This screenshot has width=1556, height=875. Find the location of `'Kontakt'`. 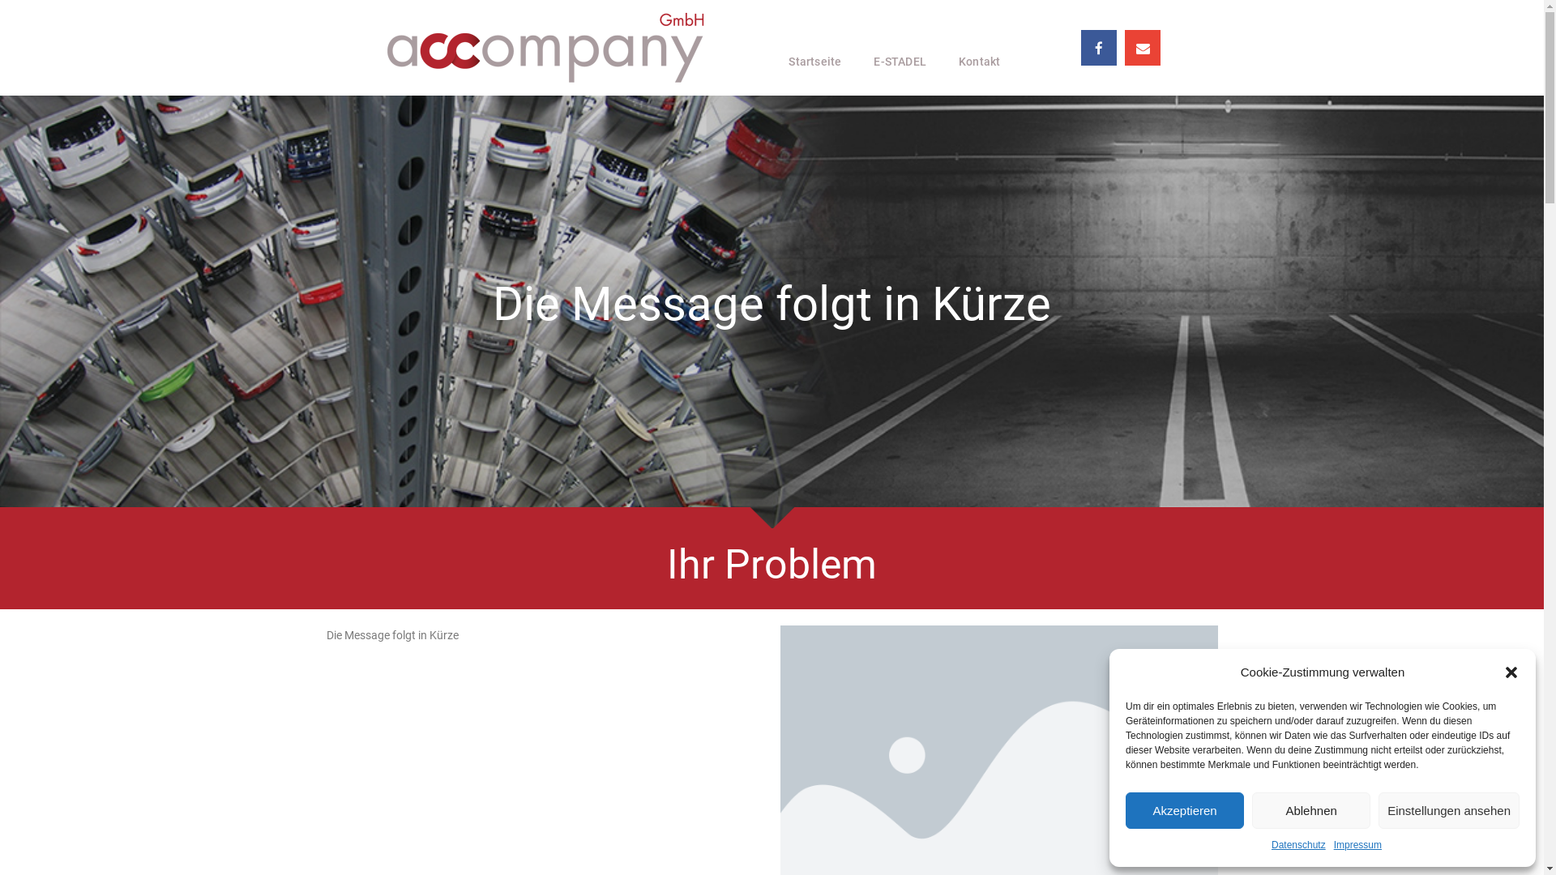

'Kontakt' is located at coordinates (978, 61).